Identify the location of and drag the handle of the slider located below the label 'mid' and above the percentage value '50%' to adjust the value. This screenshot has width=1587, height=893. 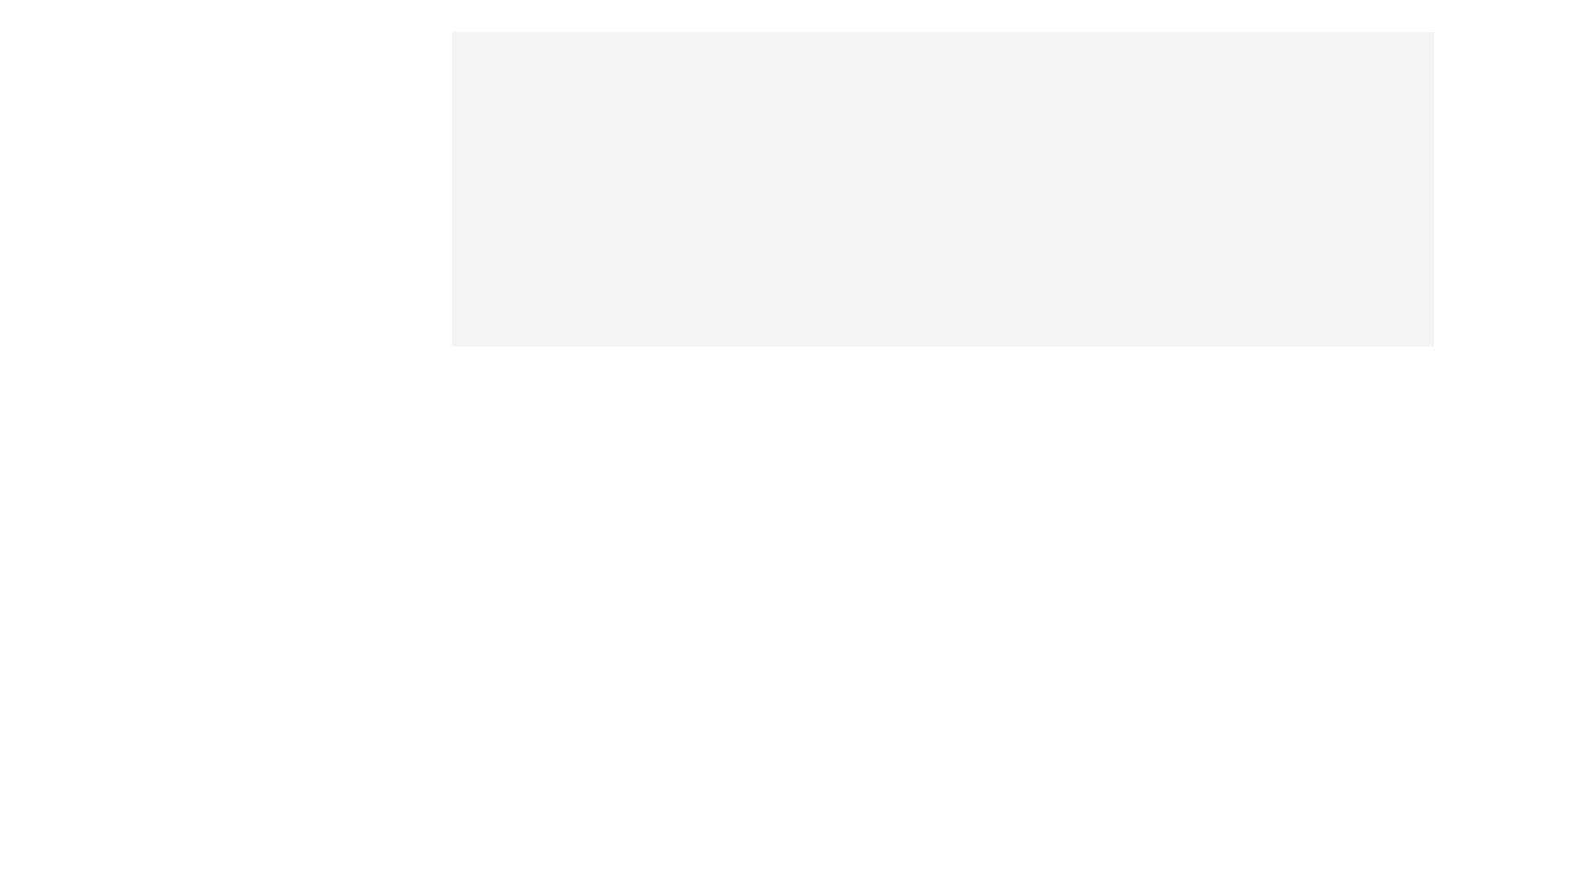
(943, 484).